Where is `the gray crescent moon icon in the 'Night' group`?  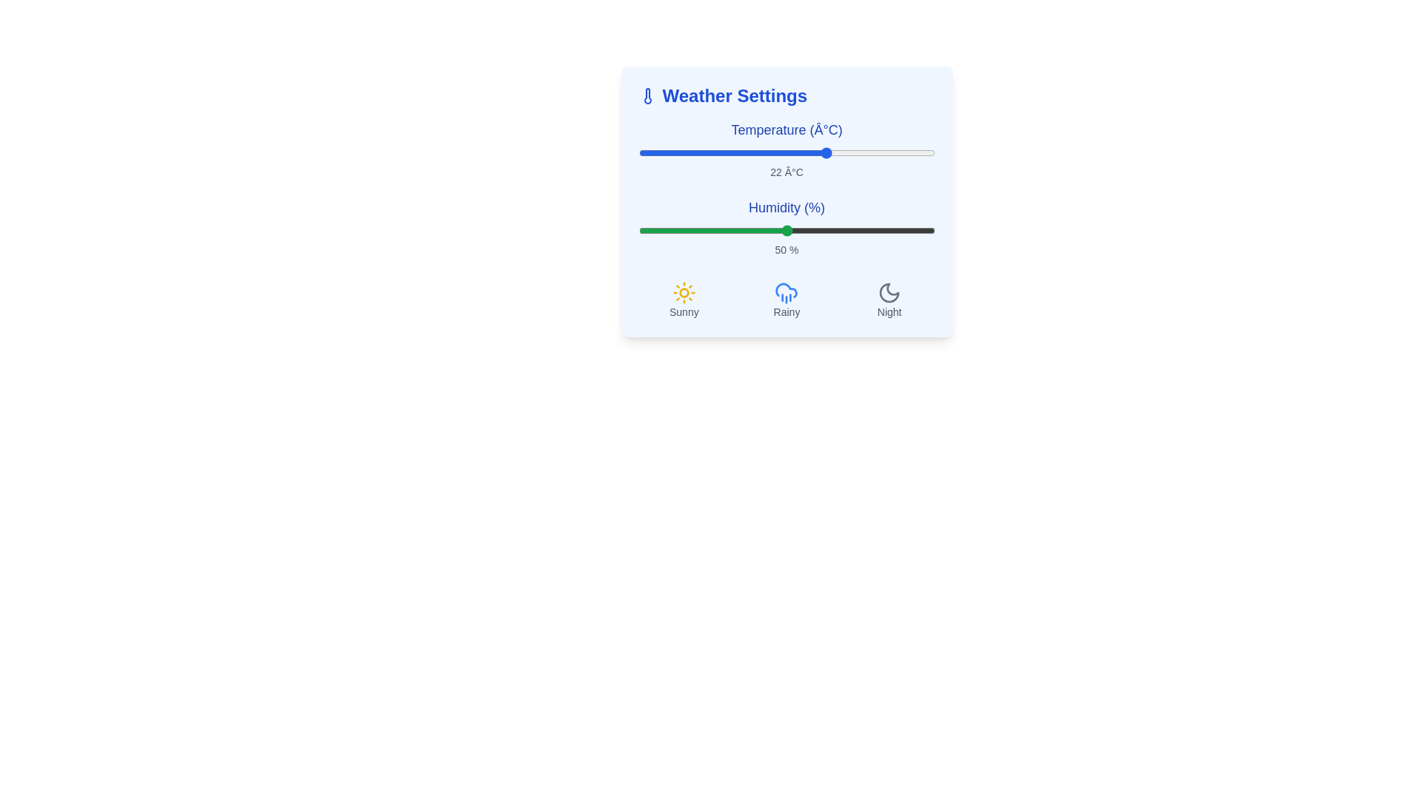
the gray crescent moon icon in the 'Night' group is located at coordinates (889, 293).